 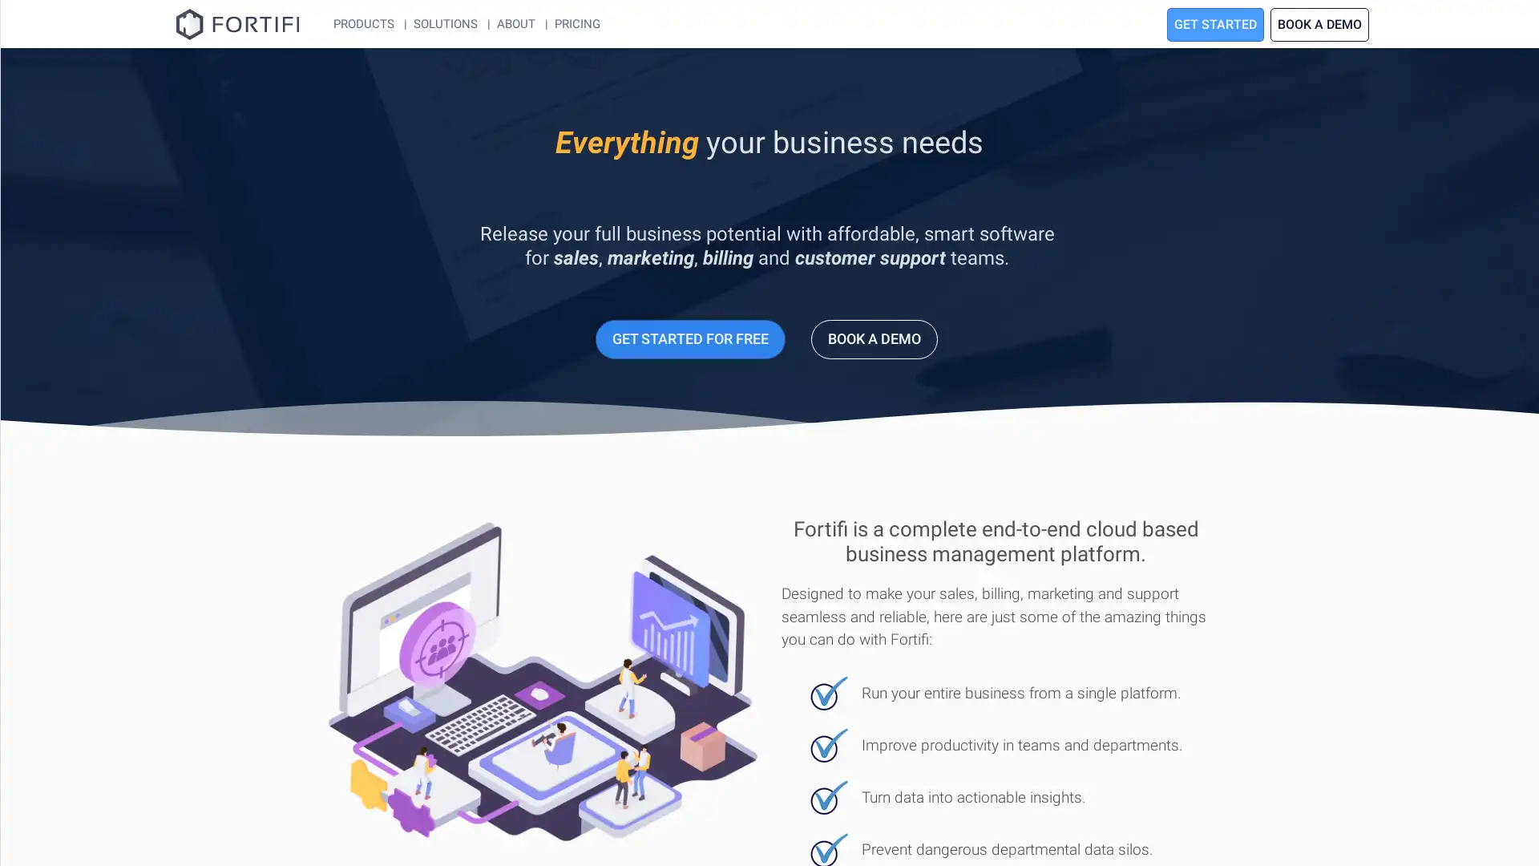 What do you see at coordinates (872, 338) in the screenshot?
I see `BOOK A DEMO` at bounding box center [872, 338].